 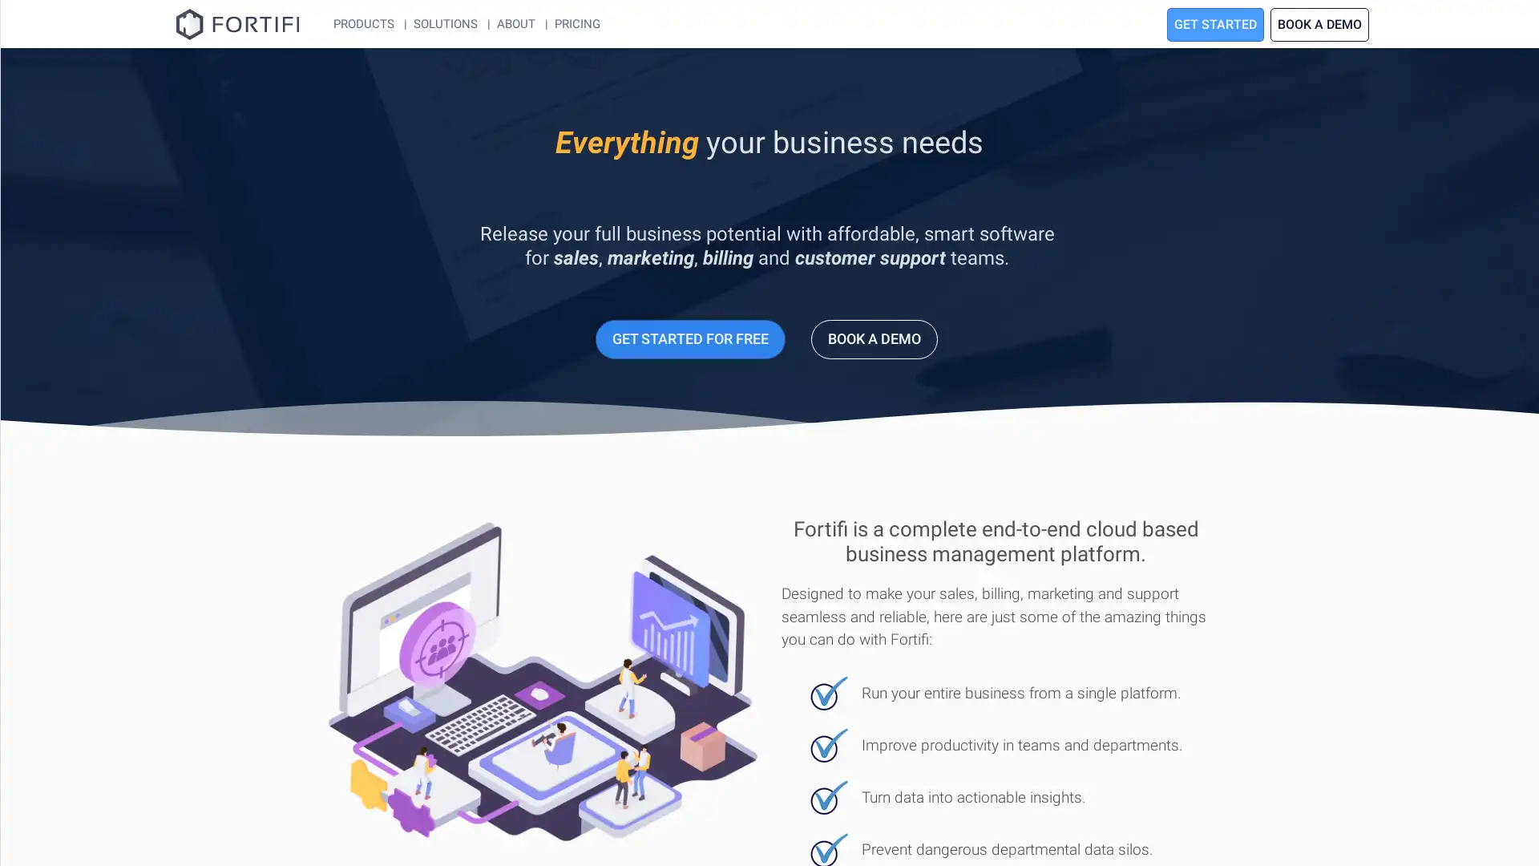 What do you see at coordinates (872, 338) in the screenshot?
I see `BOOK A DEMO` at bounding box center [872, 338].